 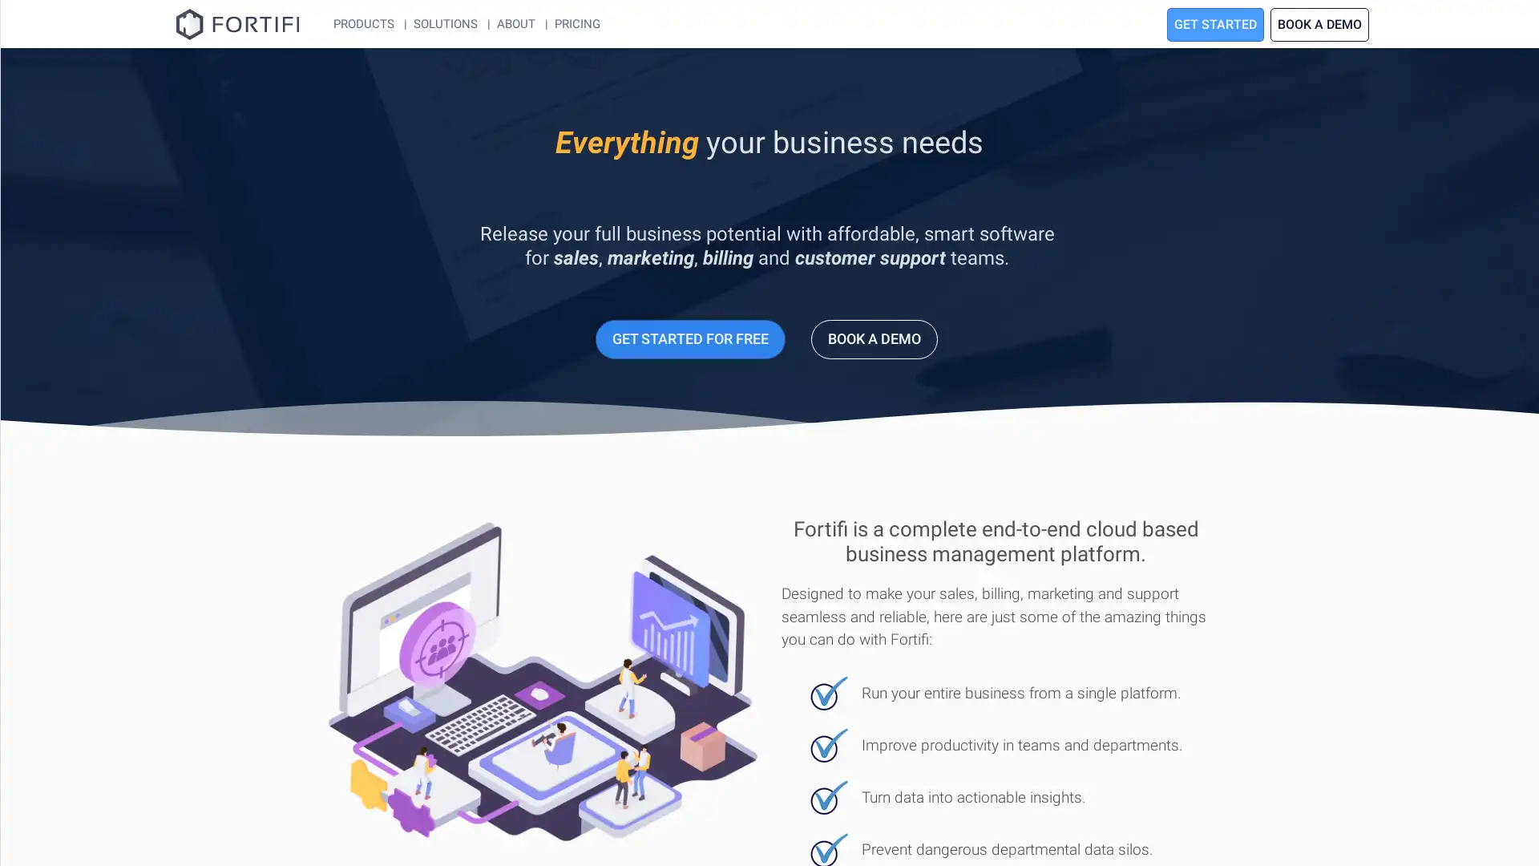 What do you see at coordinates (872, 338) in the screenshot?
I see `BOOK A DEMO` at bounding box center [872, 338].